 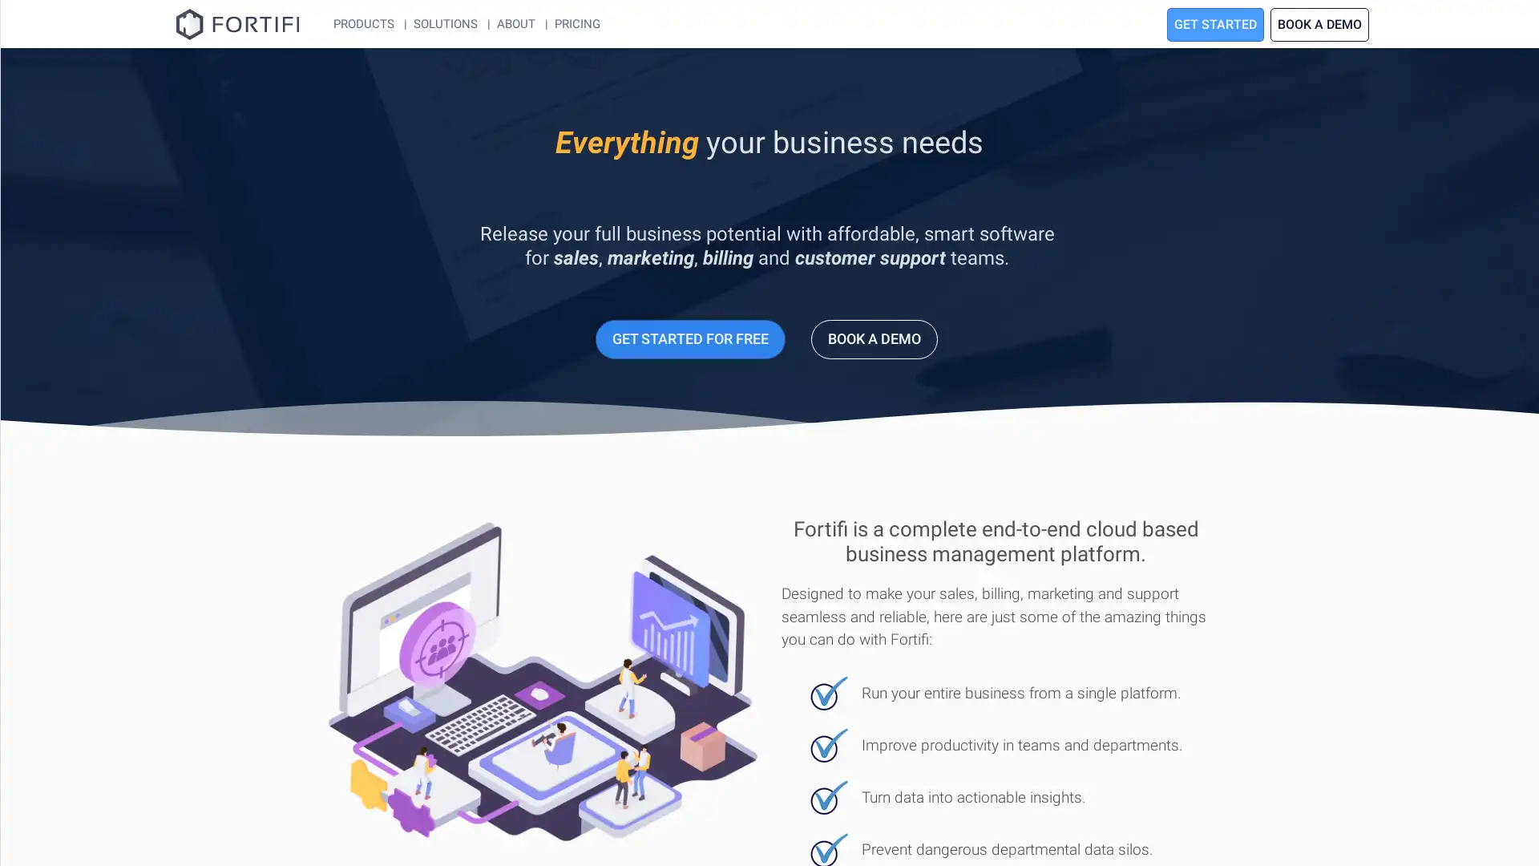 What do you see at coordinates (872, 338) in the screenshot?
I see `BOOK A DEMO` at bounding box center [872, 338].